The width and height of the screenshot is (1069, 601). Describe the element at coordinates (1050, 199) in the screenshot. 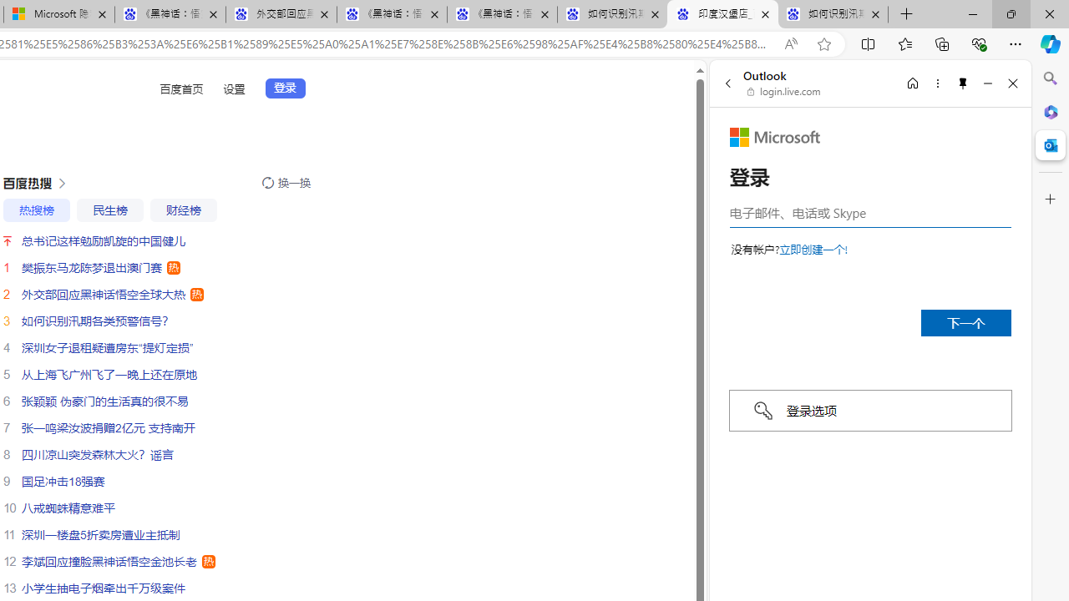

I see `'Customize'` at that location.